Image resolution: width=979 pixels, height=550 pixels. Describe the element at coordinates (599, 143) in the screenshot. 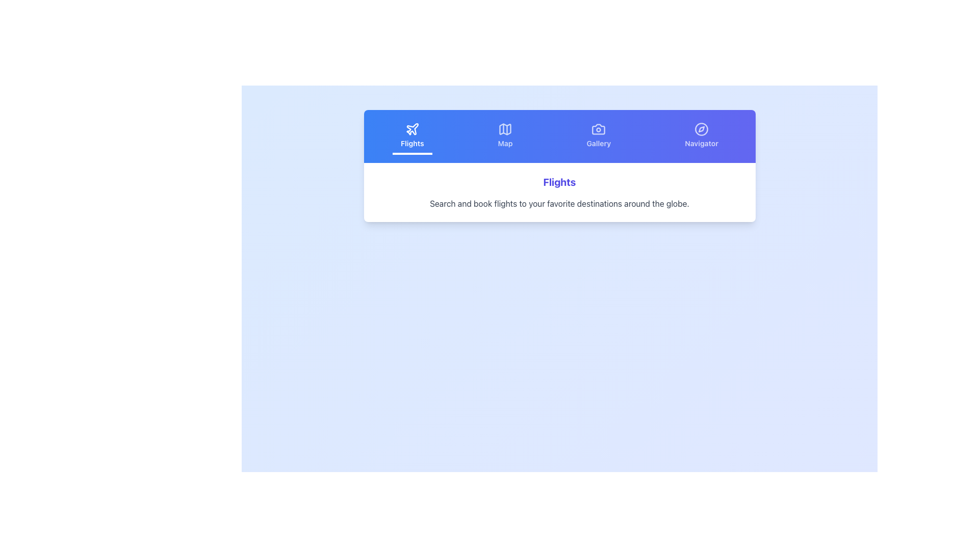

I see `the 'Gallery' text label, which is styled in white on a blue background and positioned below a camera icon in the navigation options` at that location.